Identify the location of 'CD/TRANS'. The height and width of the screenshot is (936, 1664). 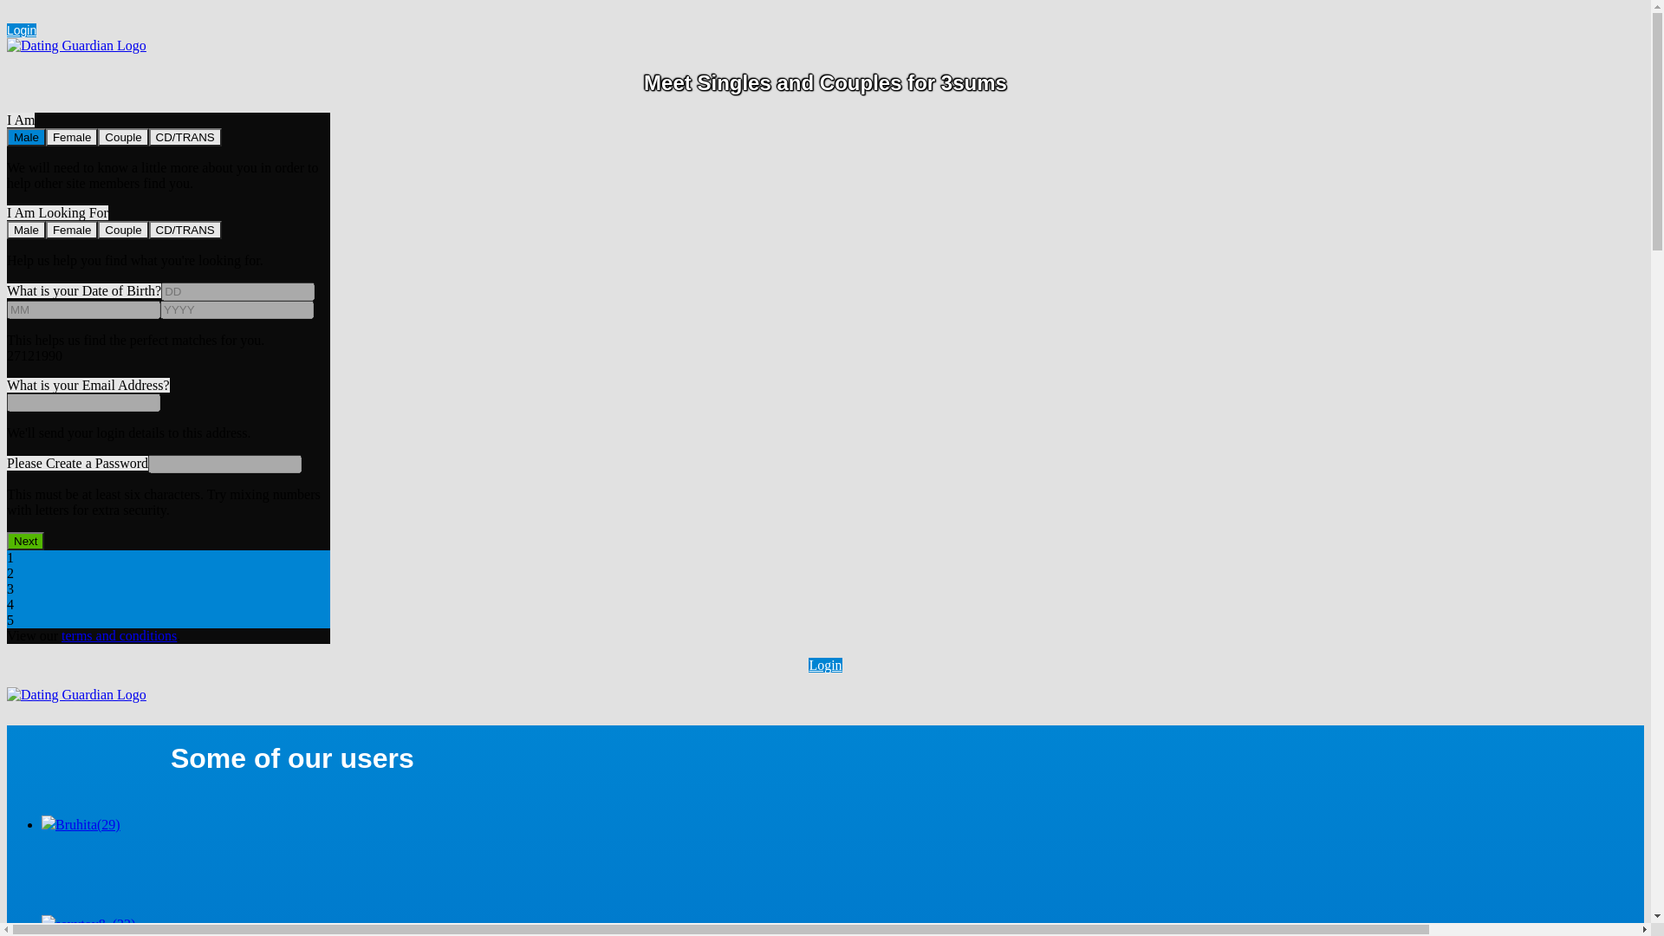
(149, 229).